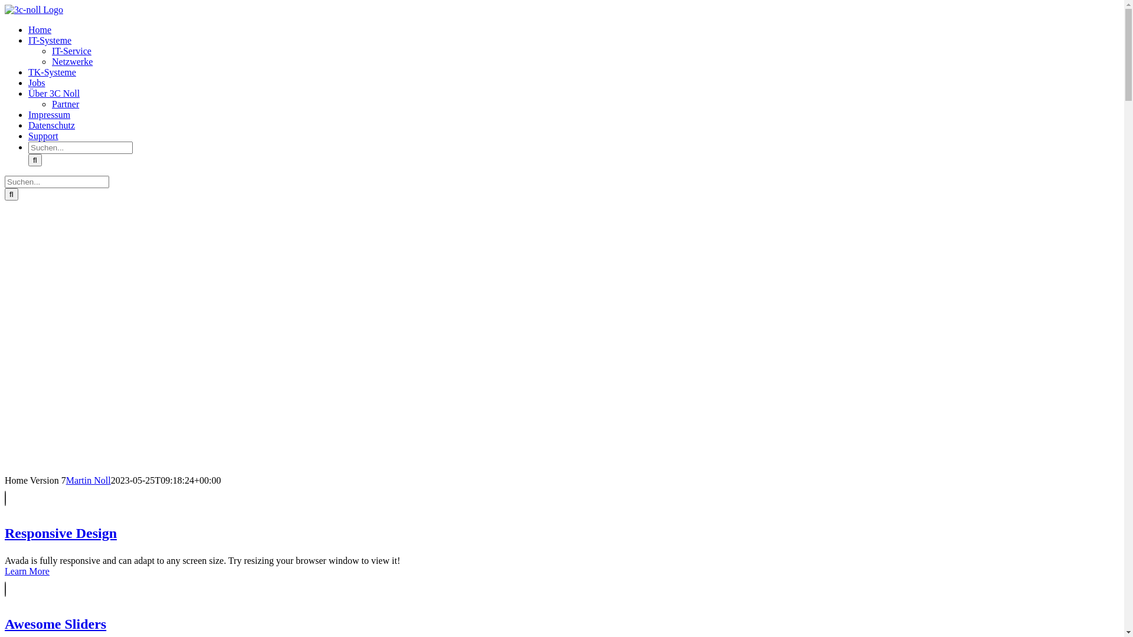  I want to click on 'Partner', so click(64, 103).